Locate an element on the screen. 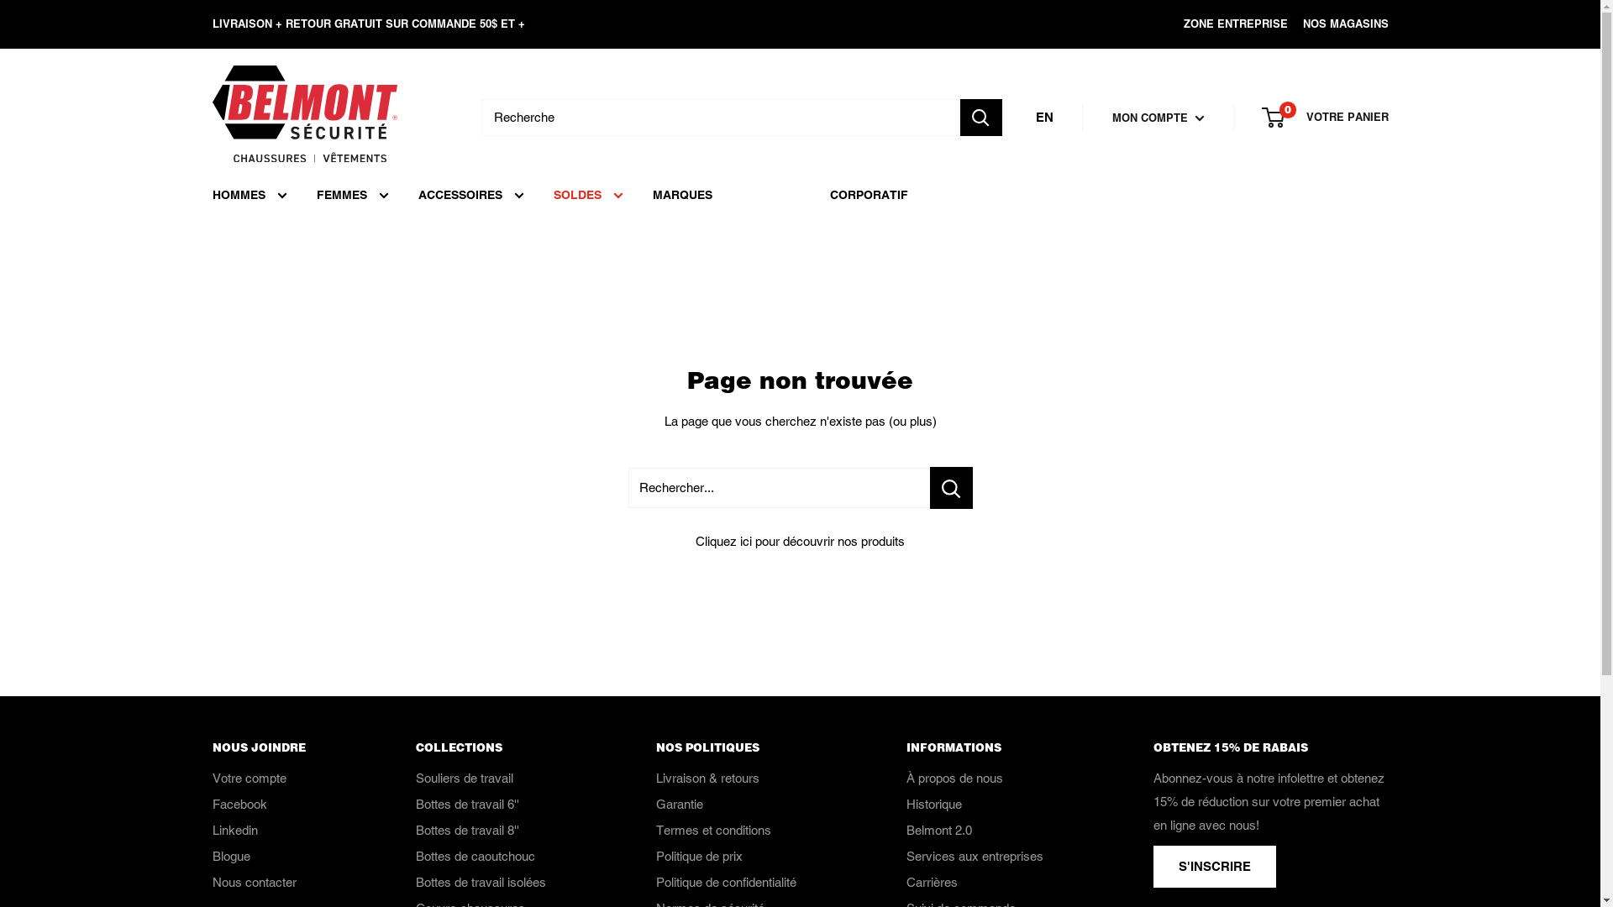  'NOUS JOINDRE' is located at coordinates (283, 747).